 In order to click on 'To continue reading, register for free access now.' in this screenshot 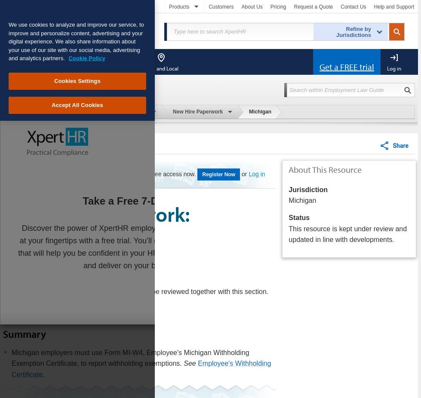, I will do `click(130, 174)`.